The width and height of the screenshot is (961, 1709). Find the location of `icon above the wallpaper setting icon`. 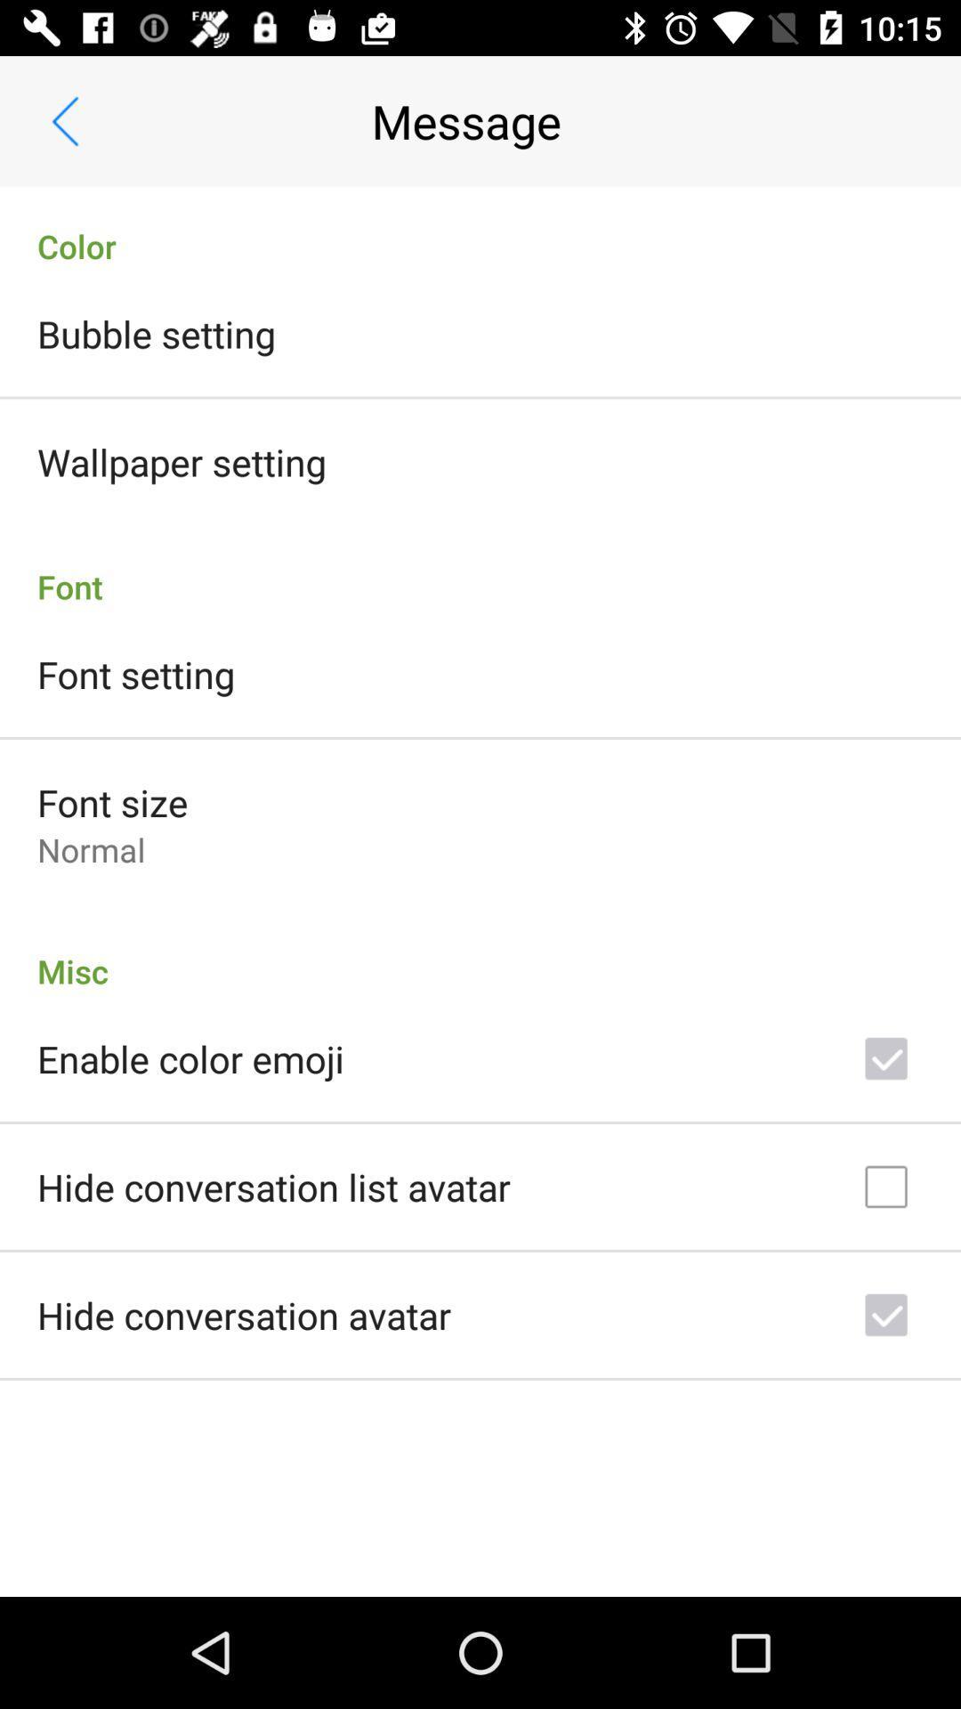

icon above the wallpaper setting icon is located at coordinates (155, 333).